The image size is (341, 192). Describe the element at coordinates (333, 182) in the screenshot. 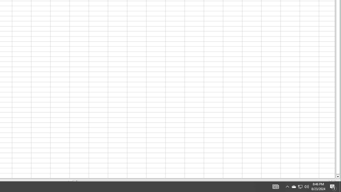

I see `'Column right'` at that location.